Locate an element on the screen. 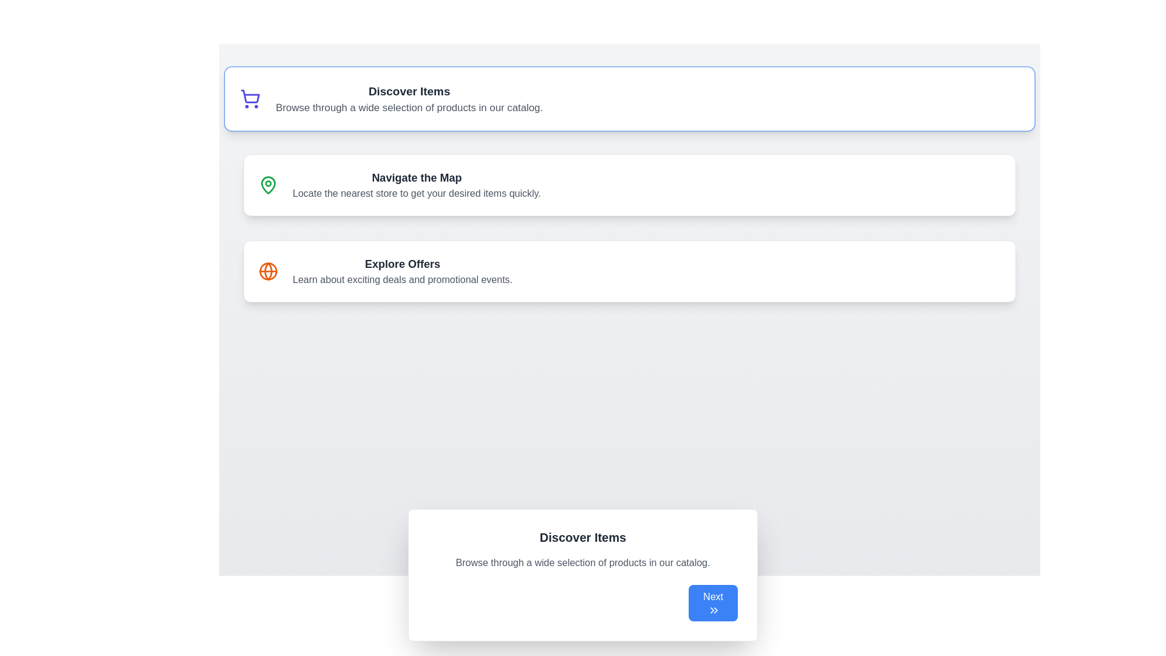 This screenshot has height=656, width=1166. the globe icon outlined with an orange stroke, located at the left side of the bottom card, next to the 'Explore Offers' text is located at coordinates (267, 271).